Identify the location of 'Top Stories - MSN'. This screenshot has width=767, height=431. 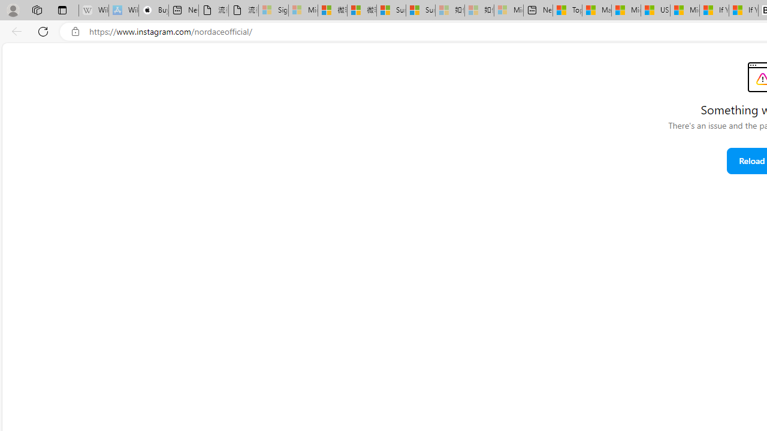
(567, 10).